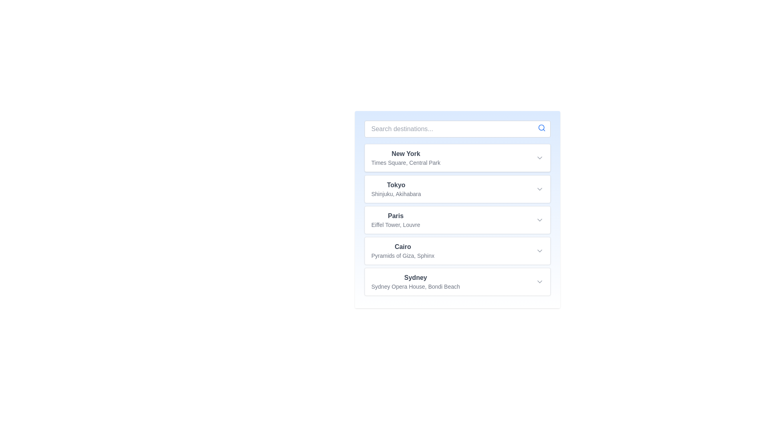 Image resolution: width=770 pixels, height=433 pixels. I want to click on the downward pointing chevron-shaped icon located to the right of the 'Sydney' list item in the dropdown menu, so click(539, 281).